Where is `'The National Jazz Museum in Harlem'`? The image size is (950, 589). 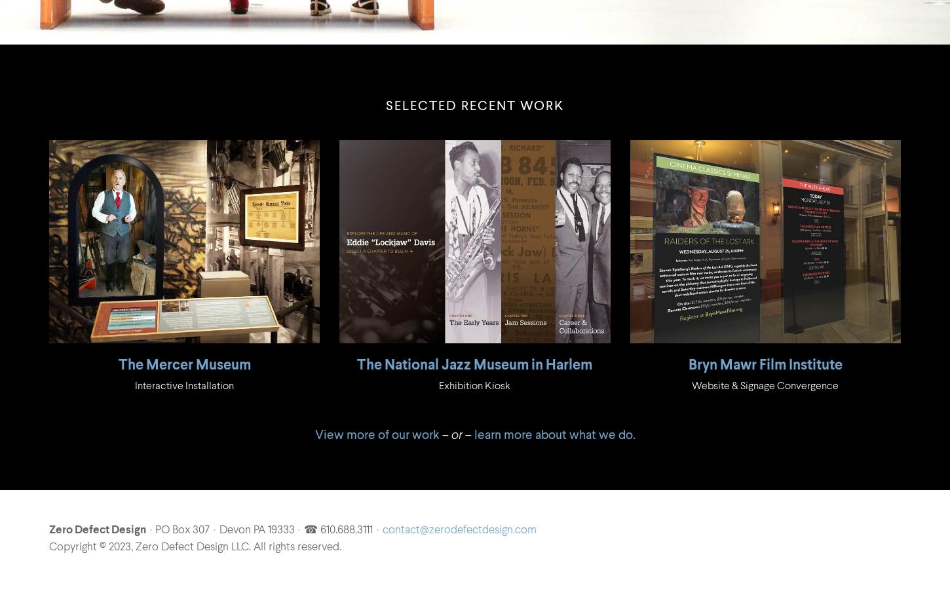
'The National Jazz Museum in Harlem' is located at coordinates (474, 365).